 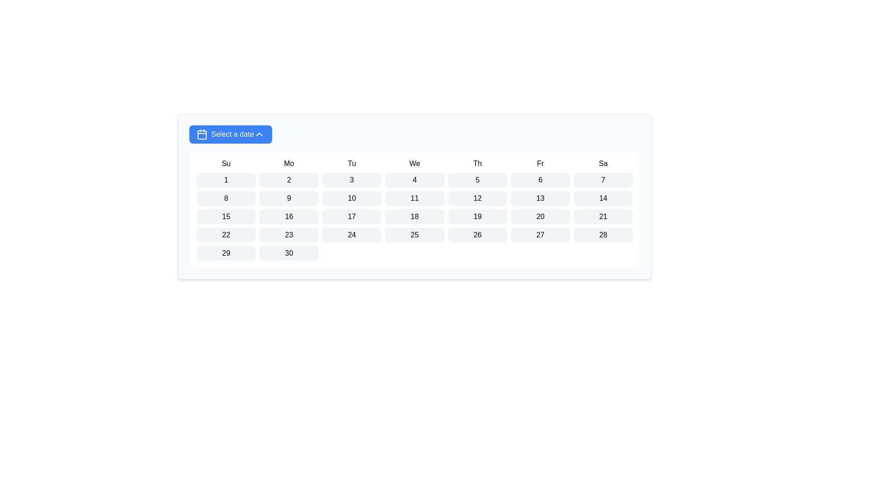 I want to click on the date selection icon located at the beginning of the horizontal layout preceding the text 'Select a date', so click(x=201, y=134).